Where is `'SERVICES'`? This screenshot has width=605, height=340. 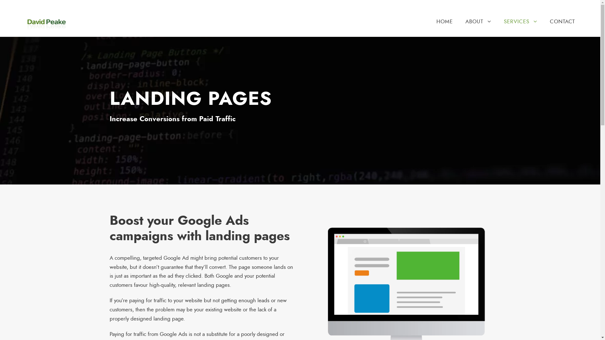
'SERVICES' is located at coordinates (503, 26).